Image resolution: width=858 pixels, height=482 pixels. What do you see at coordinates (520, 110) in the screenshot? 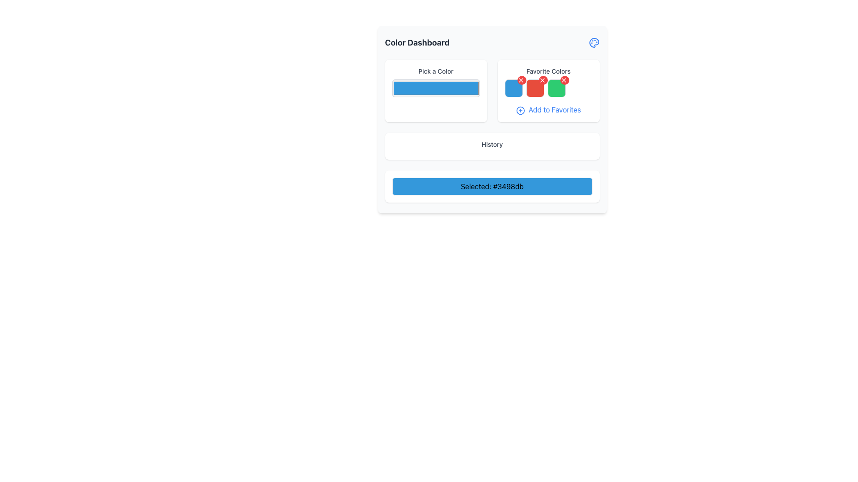
I see `the icon that symbolizes the action of adding items to the favorites list, located to the left of the text 'Add to Favorites'` at bounding box center [520, 110].